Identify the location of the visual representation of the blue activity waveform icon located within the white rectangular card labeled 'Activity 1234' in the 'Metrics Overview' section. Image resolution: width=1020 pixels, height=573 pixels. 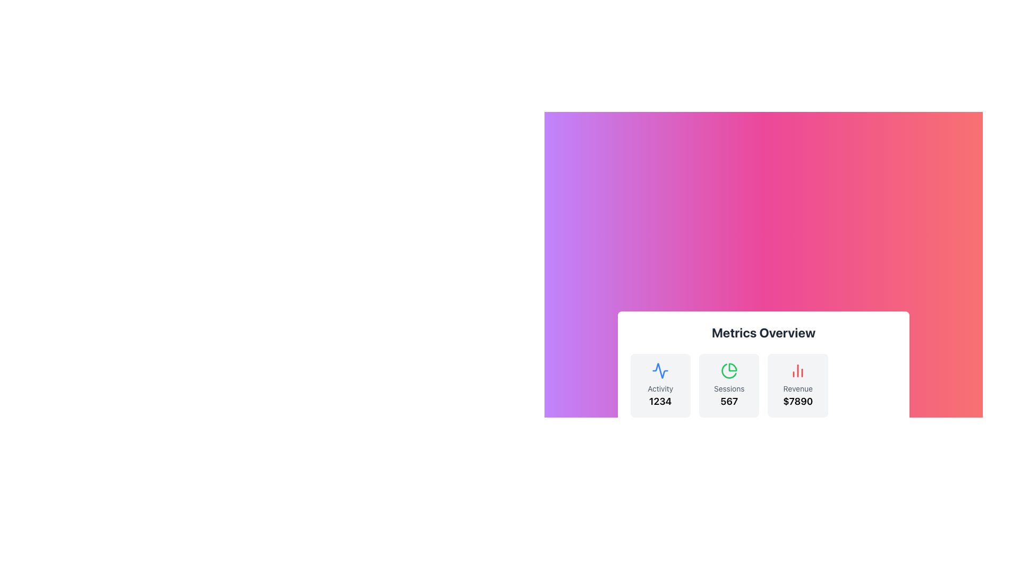
(660, 370).